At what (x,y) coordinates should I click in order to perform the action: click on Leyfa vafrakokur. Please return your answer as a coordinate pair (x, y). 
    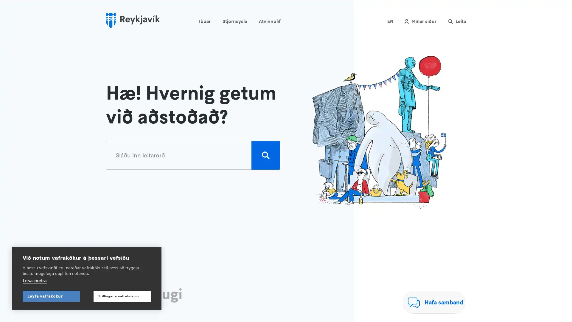
    Looking at the image, I should click on (51, 296).